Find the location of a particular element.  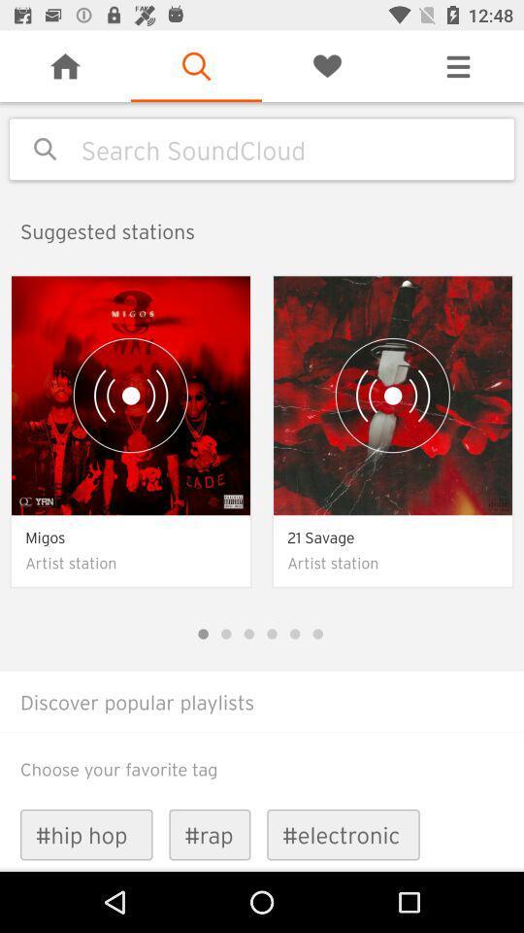

the item below the choose your favorite icon is located at coordinates (209, 834).